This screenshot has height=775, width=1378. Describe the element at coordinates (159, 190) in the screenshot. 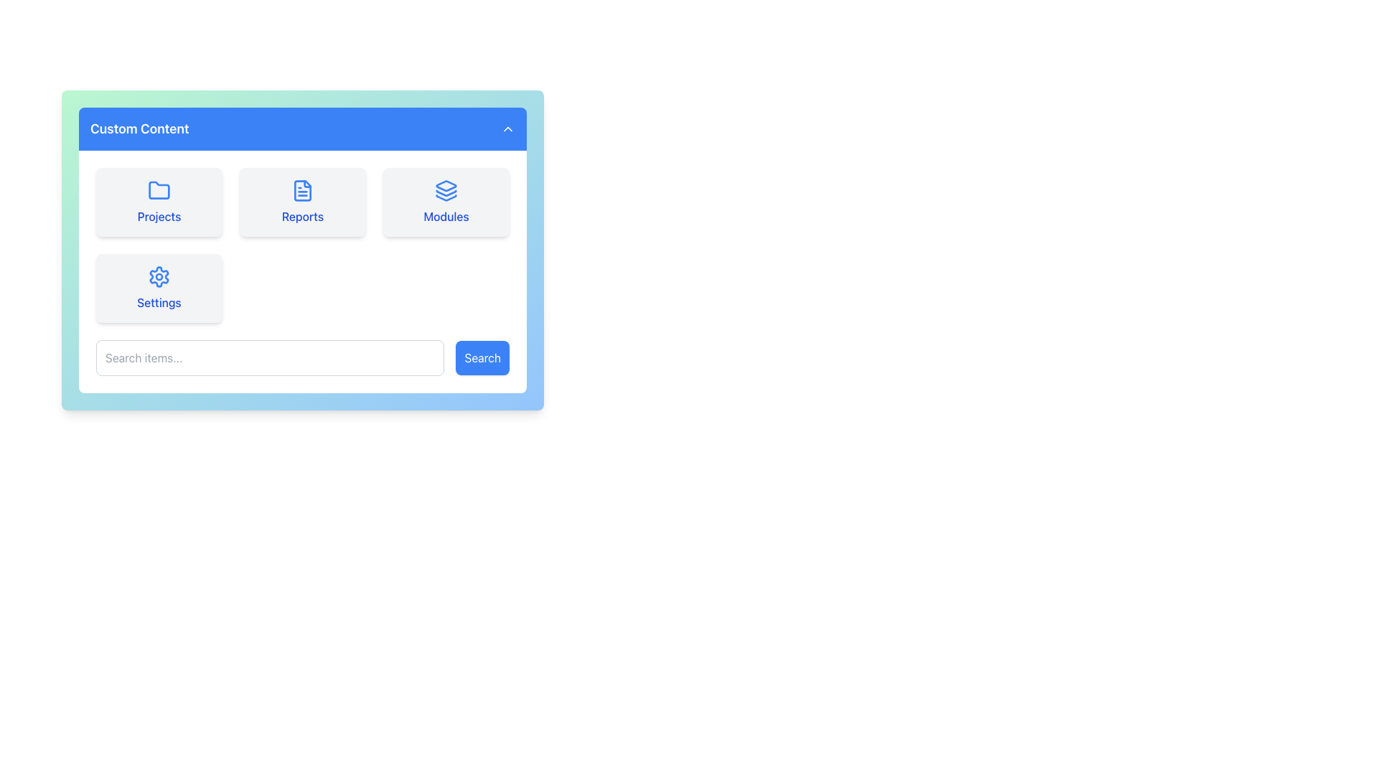

I see `the 'Projects' icon, which is centrally located within the 'Projects' option box at the top of the card` at that location.